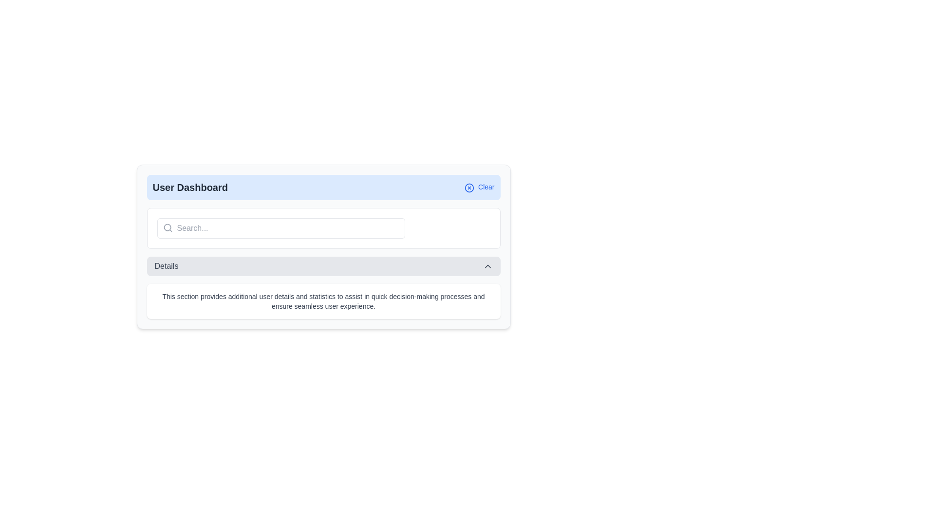  Describe the element at coordinates (323, 301) in the screenshot. I see `the text block with a light gray font located within the 'Details' card, which is the only text block inside the card, centered horizontally and near the top` at that location.